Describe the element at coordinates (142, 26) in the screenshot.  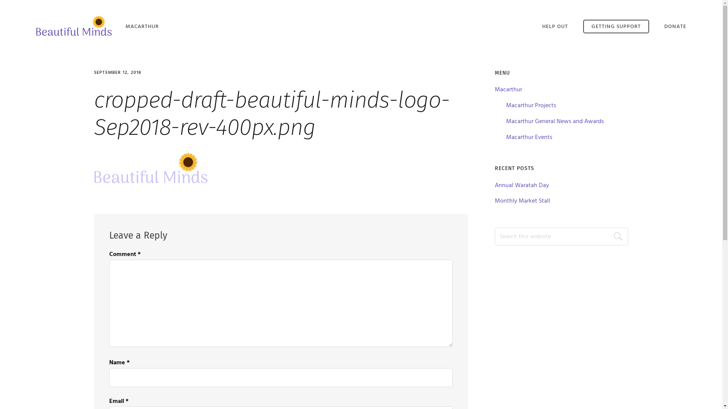
I see `'MACARTHUR'` at that location.